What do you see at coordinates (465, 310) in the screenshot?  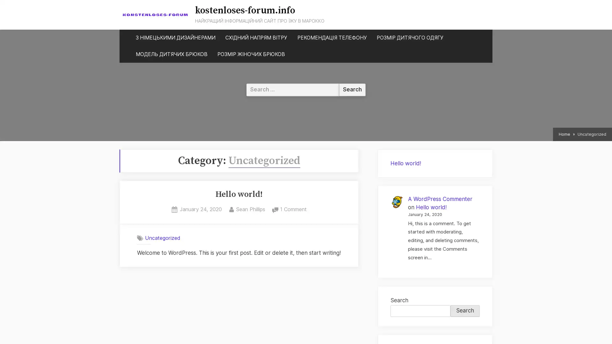 I see `Search` at bounding box center [465, 310].